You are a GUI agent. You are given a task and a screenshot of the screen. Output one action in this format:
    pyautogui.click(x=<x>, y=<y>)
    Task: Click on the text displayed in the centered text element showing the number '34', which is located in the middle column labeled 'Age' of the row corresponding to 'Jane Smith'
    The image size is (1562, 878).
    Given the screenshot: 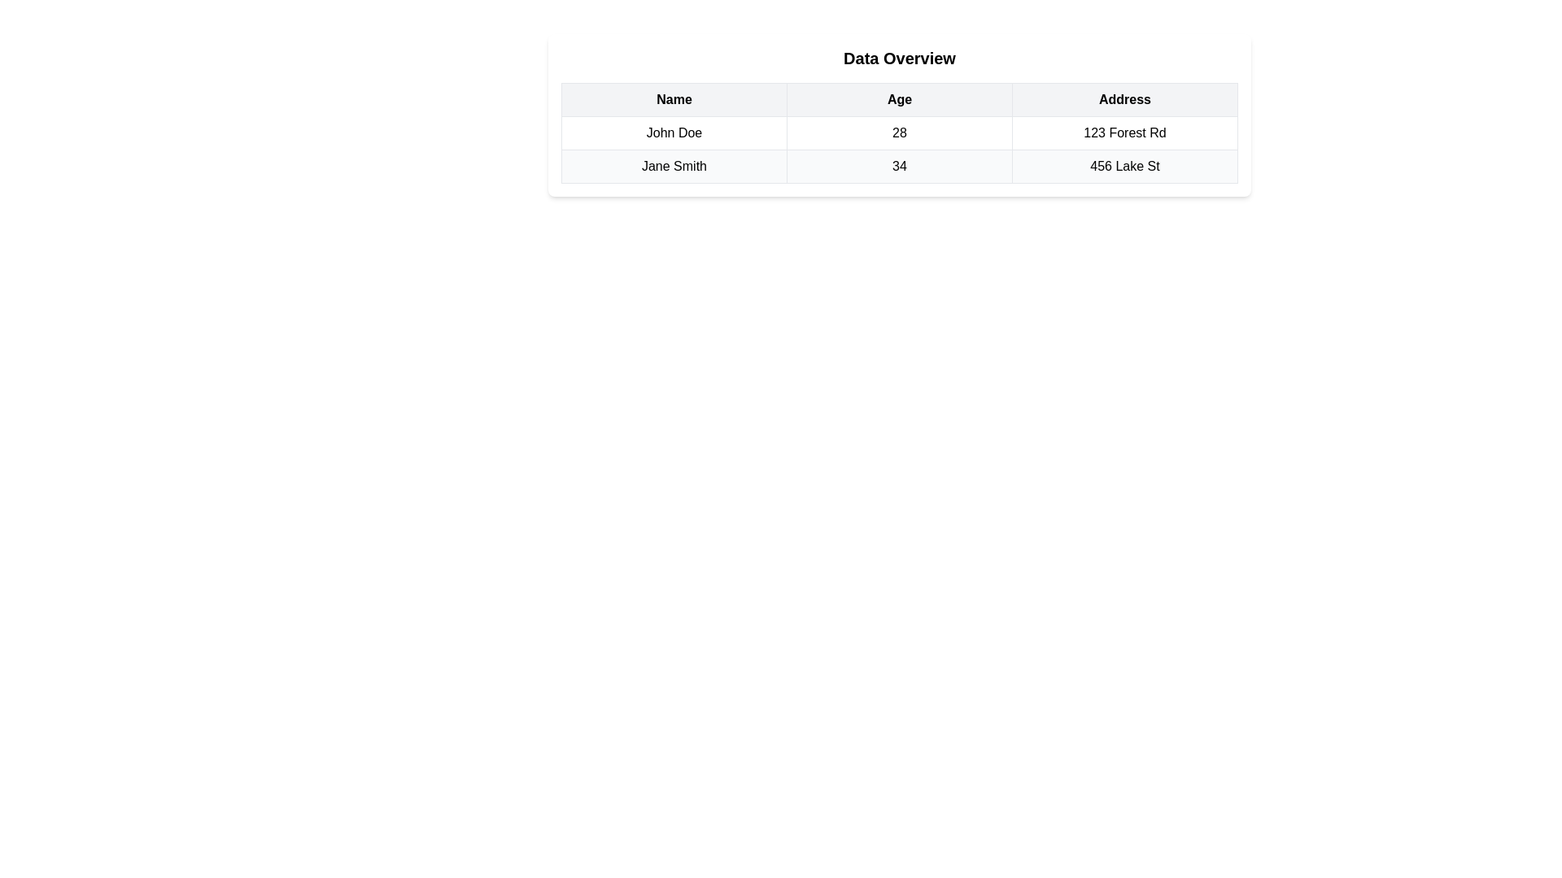 What is the action you would take?
    pyautogui.click(x=898, y=166)
    